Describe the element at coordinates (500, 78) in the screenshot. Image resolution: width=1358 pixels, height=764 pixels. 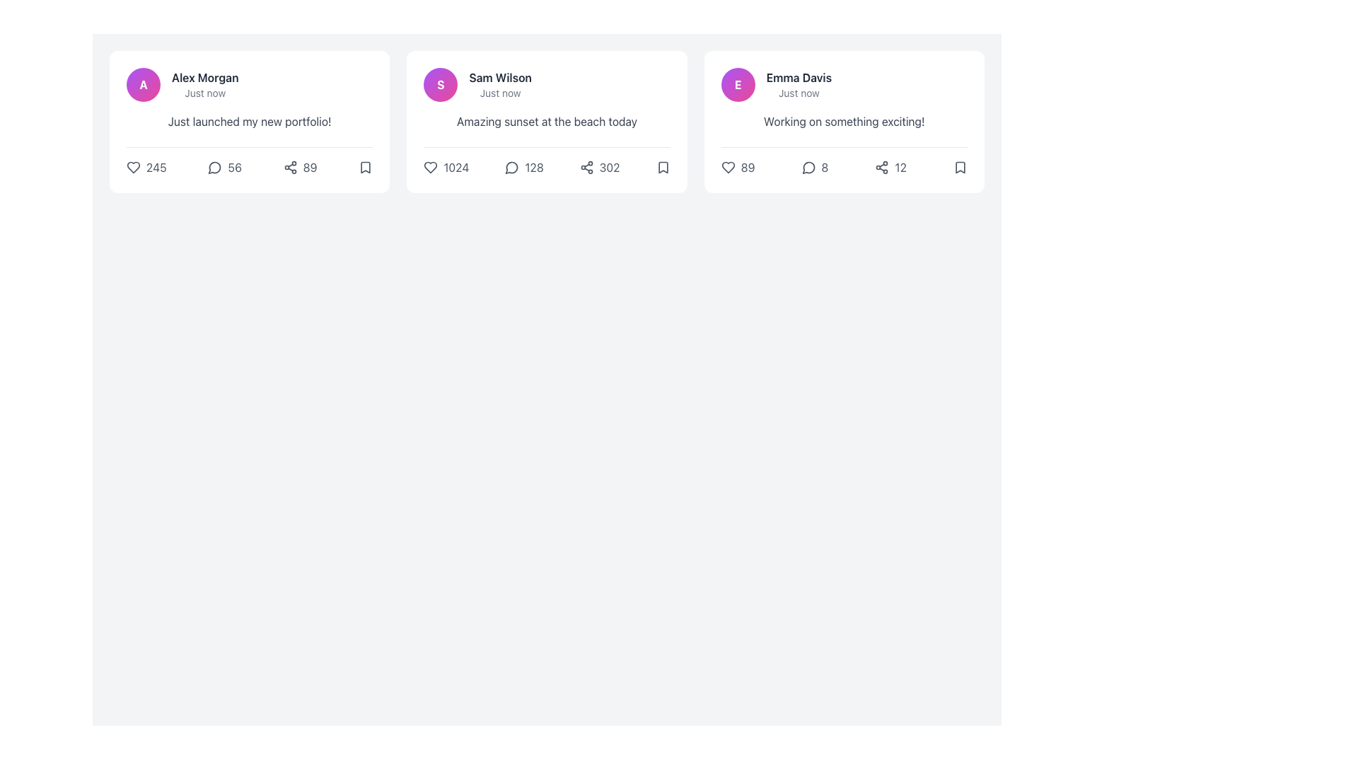
I see `the text label 'Sam Wilson', which is styled with bold font and dark gray color, located at the top of the second card in a grid layout, next to a circular avatar containing an 'S'` at that location.